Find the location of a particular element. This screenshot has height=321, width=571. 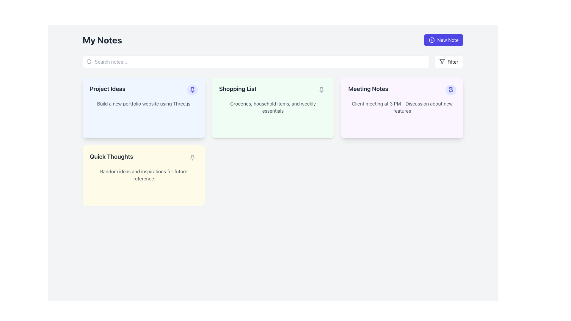

the text element displaying 'Client meeting at 3 PM - Discussion about new features' within the 'Meeting Notes' card is located at coordinates (402, 107).